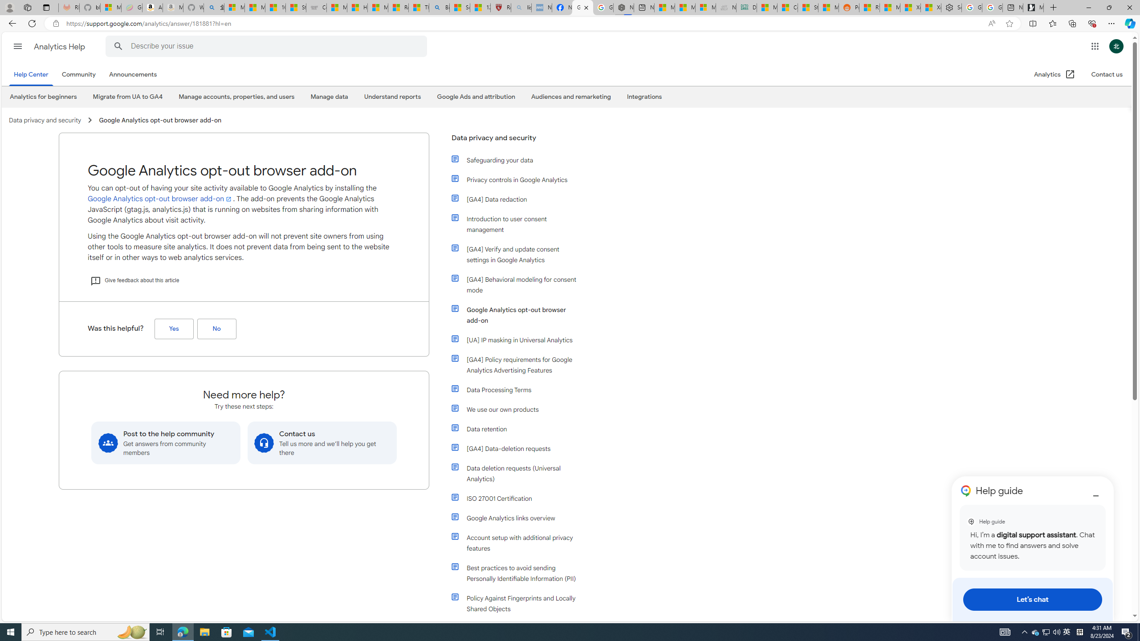 Image resolution: width=1140 pixels, height=641 pixels. Describe the element at coordinates (515, 314) in the screenshot. I see `'Google Analytics opt-out browser add-on'` at that location.